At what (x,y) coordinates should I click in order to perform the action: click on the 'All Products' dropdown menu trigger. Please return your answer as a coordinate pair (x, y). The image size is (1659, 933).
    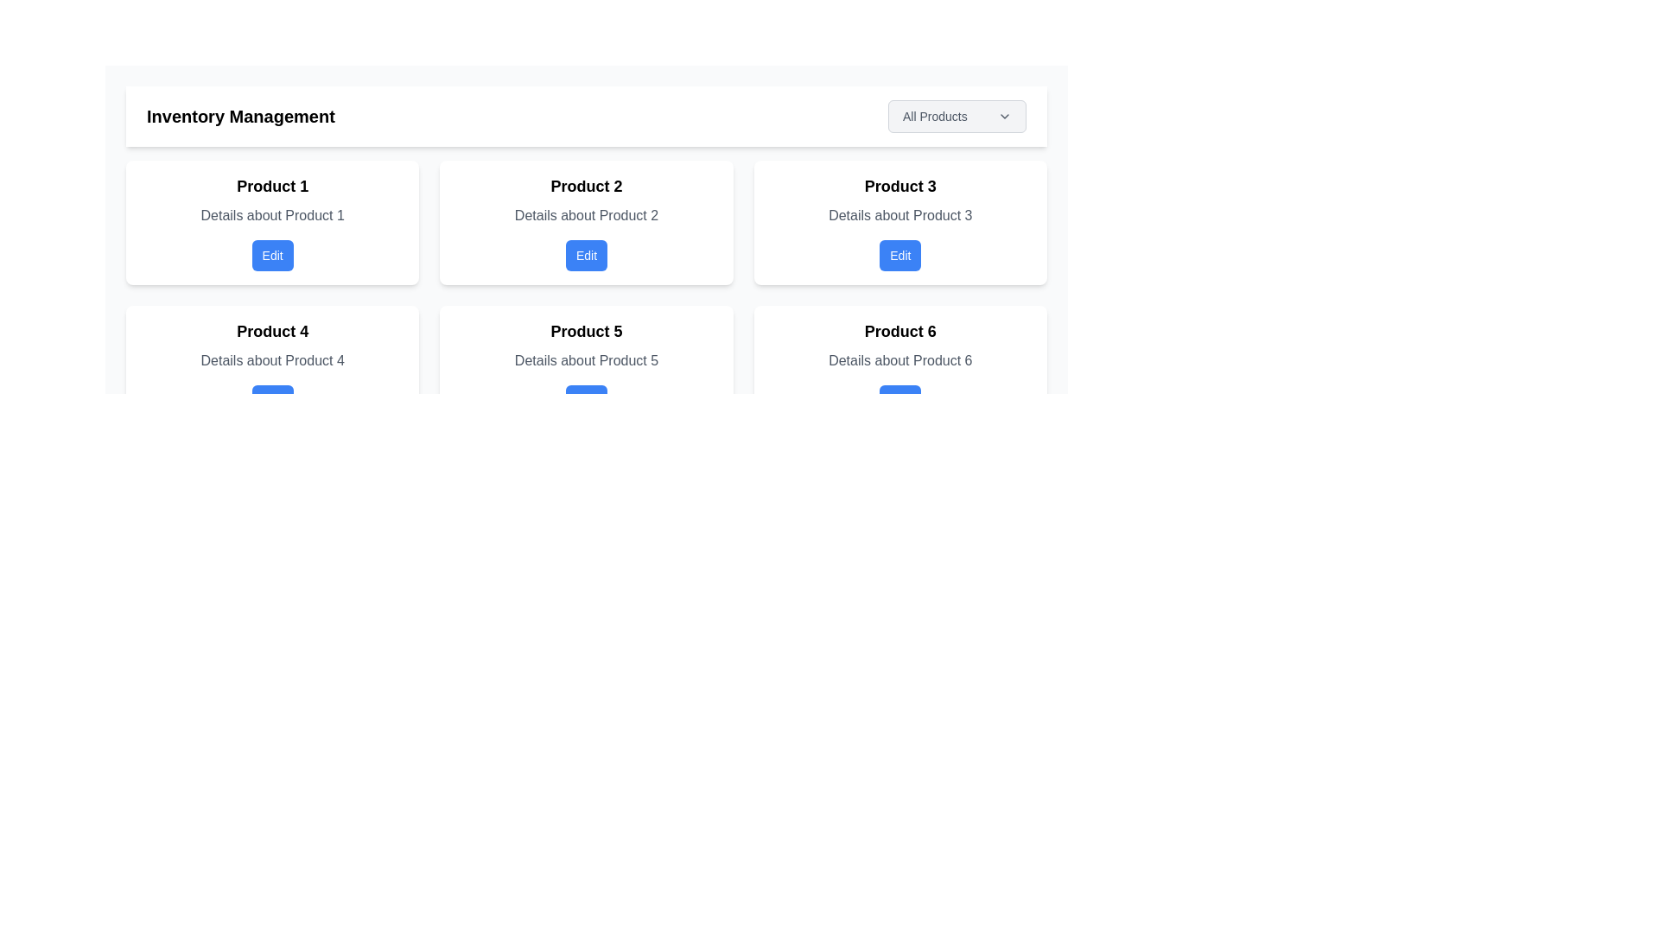
    Looking at the image, I should click on (957, 117).